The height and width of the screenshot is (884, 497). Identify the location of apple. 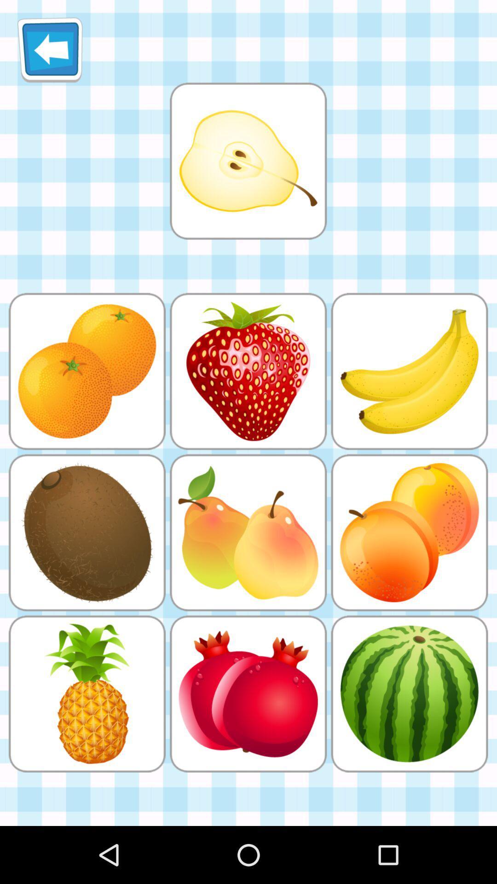
(248, 161).